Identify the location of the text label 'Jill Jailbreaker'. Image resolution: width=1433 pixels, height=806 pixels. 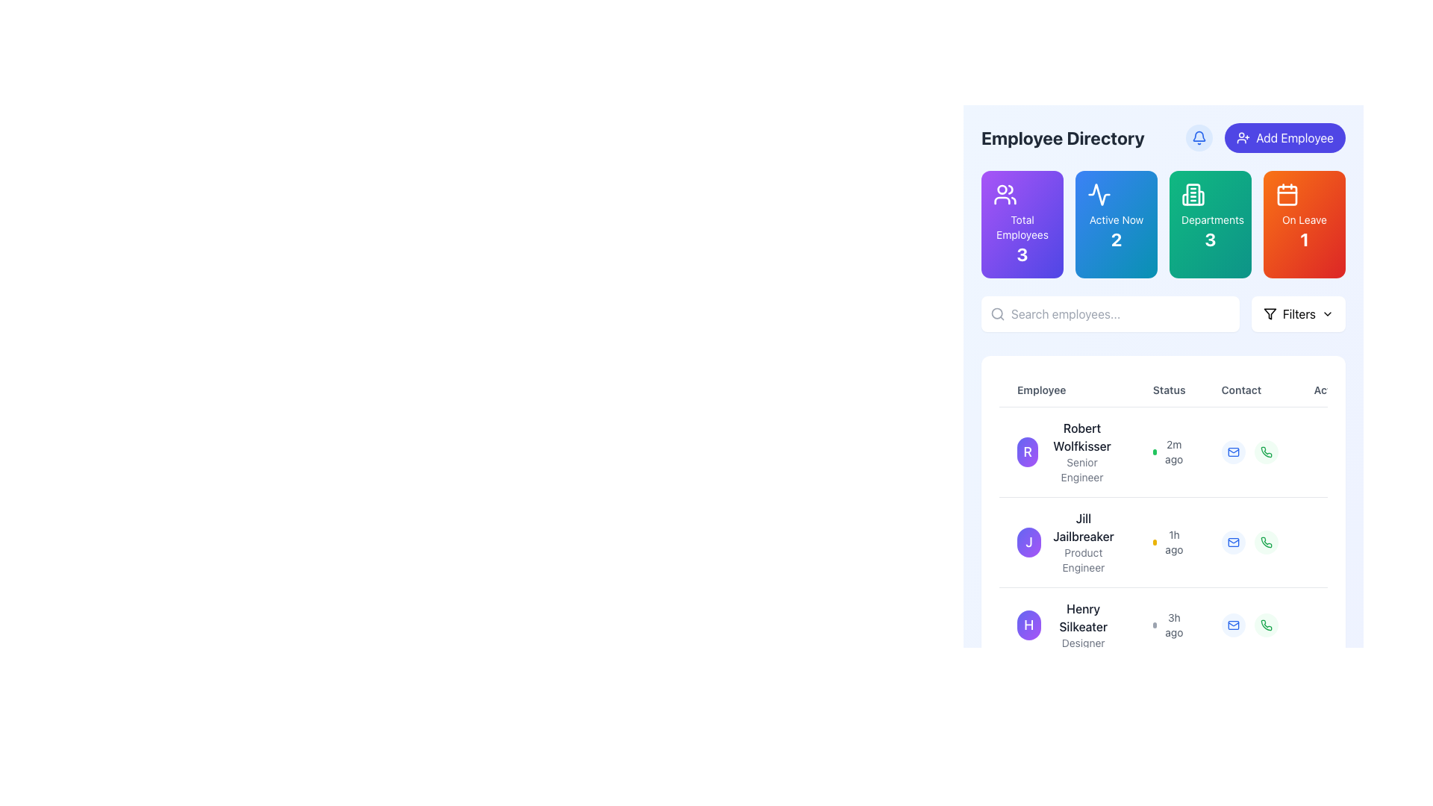
(1083, 526).